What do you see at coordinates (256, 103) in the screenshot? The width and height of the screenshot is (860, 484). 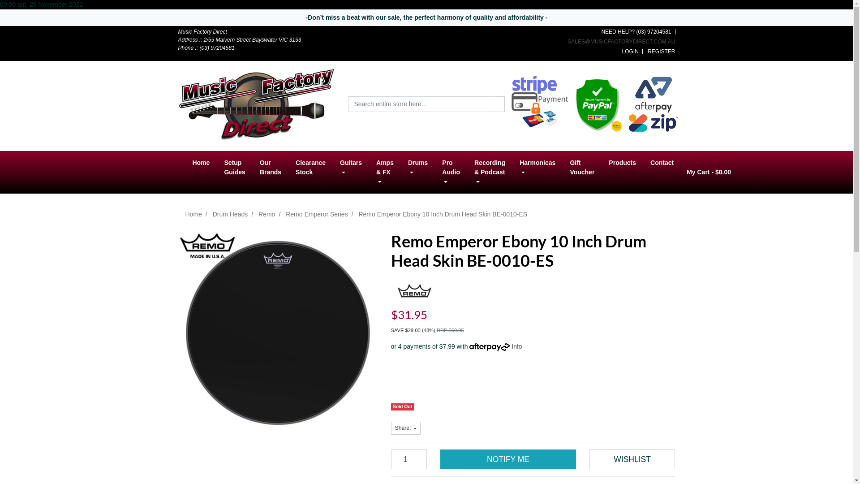 I see `'Music Factory Direct'` at bounding box center [256, 103].